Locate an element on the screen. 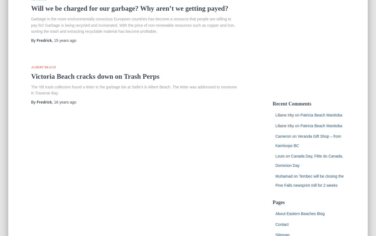 This screenshot has height=236, width=376. 'Louis' is located at coordinates (280, 156).